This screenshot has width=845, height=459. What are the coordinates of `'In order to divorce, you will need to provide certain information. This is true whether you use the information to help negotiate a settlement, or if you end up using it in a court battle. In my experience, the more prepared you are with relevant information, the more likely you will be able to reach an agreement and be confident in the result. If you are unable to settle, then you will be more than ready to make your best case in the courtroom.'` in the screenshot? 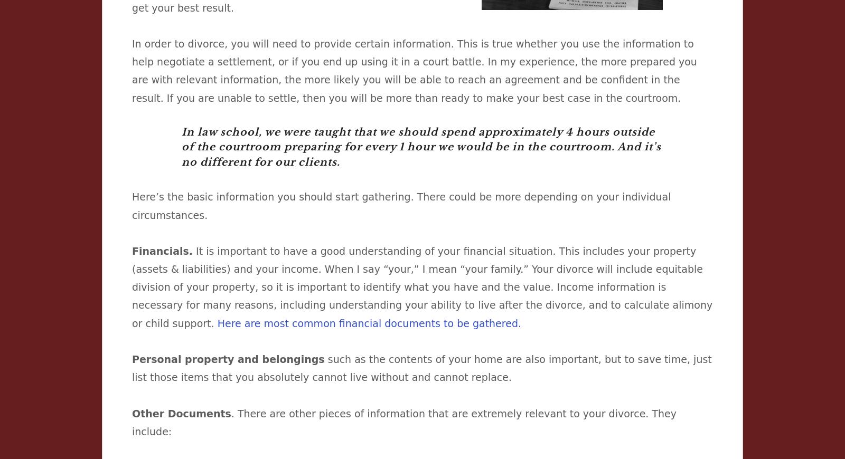 It's located at (132, 70).